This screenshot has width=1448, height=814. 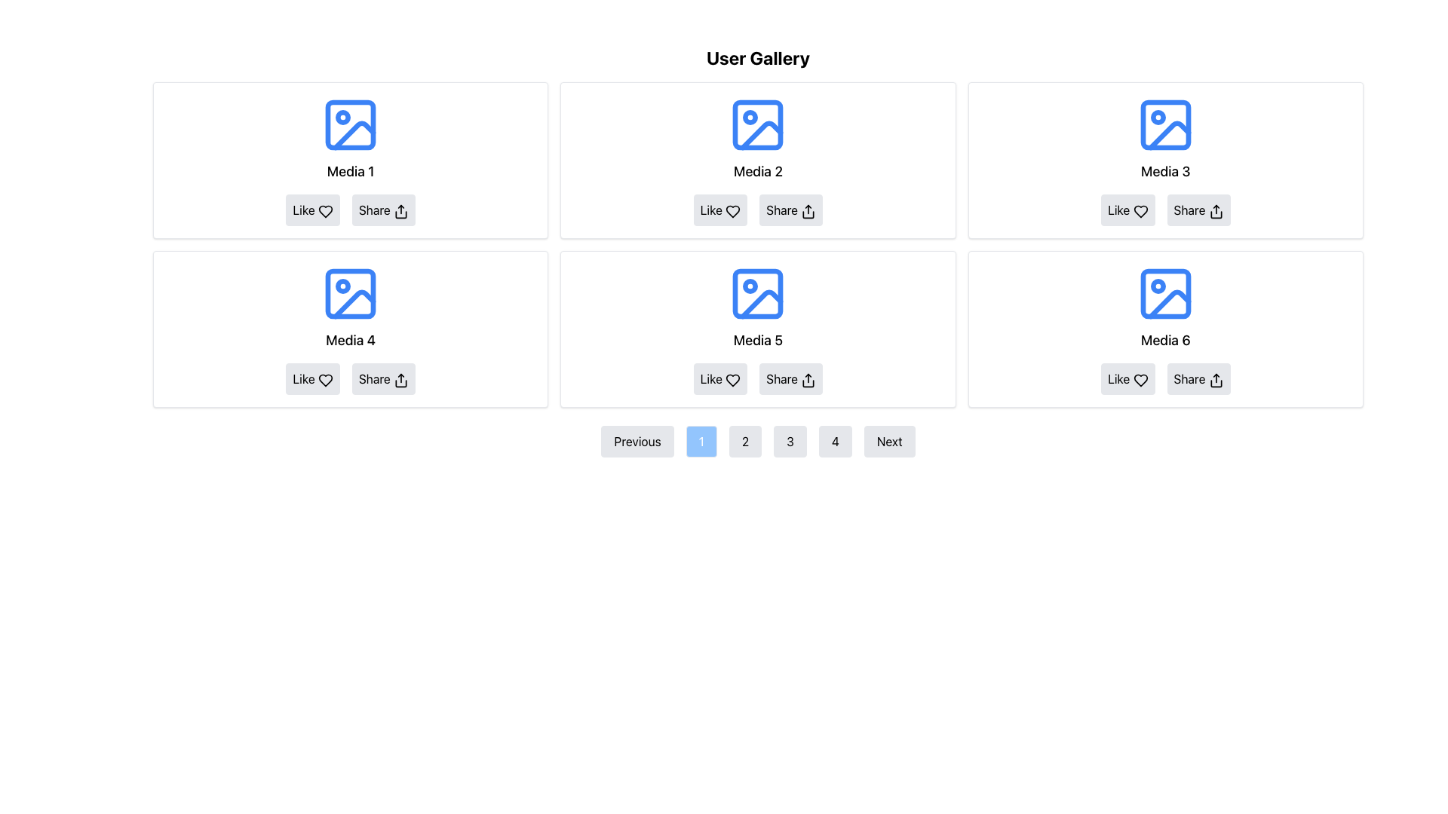 I want to click on the upward arrow icon that is part of the 'Share' button located below the 'Media 1' section in the user gallery grid, so click(x=400, y=211).